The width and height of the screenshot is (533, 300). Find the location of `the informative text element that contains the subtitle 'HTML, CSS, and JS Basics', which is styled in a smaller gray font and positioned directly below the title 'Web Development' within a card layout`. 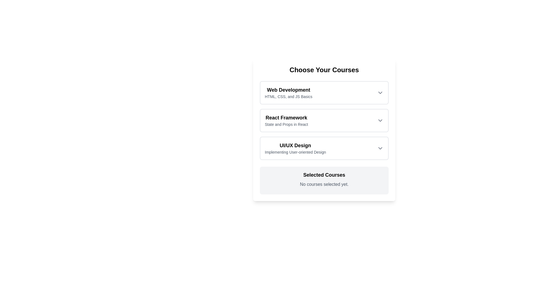

the informative text element that contains the subtitle 'HTML, CSS, and JS Basics', which is styled in a smaller gray font and positioned directly below the title 'Web Development' within a card layout is located at coordinates (288, 96).